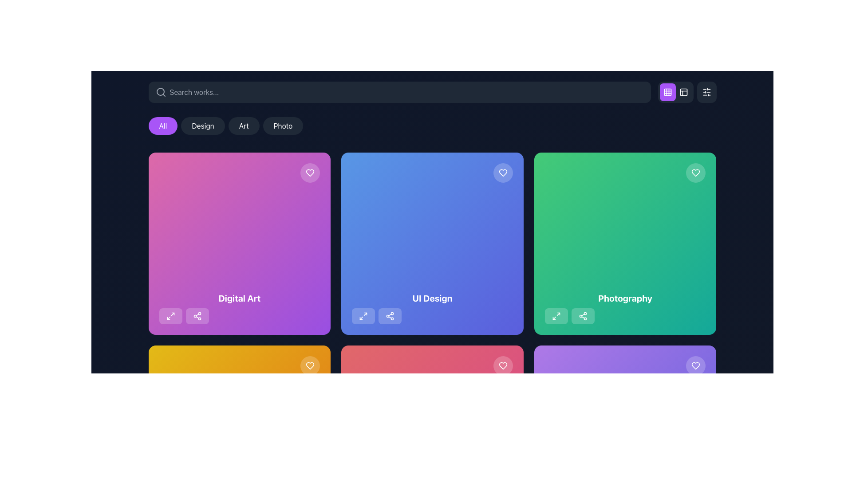 The image size is (852, 479). What do you see at coordinates (583, 315) in the screenshot?
I see `the 'Share' button located at the bottom-right of the 'Photography' card` at bounding box center [583, 315].